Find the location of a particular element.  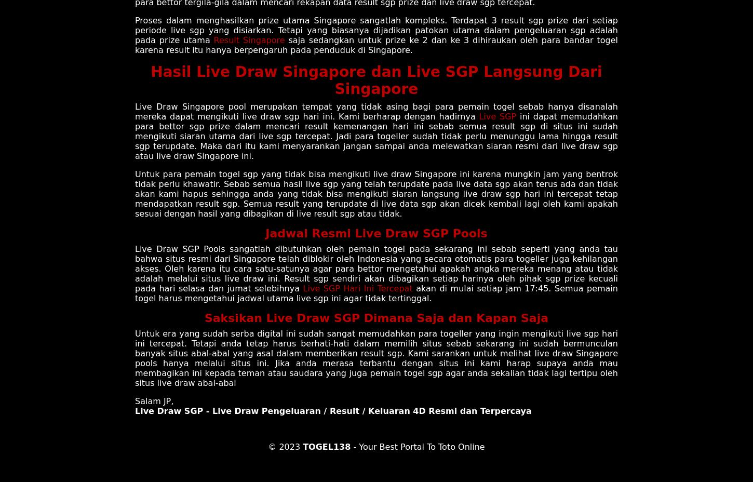

'- Your Best Portal To Toto Online' is located at coordinates (418, 446).